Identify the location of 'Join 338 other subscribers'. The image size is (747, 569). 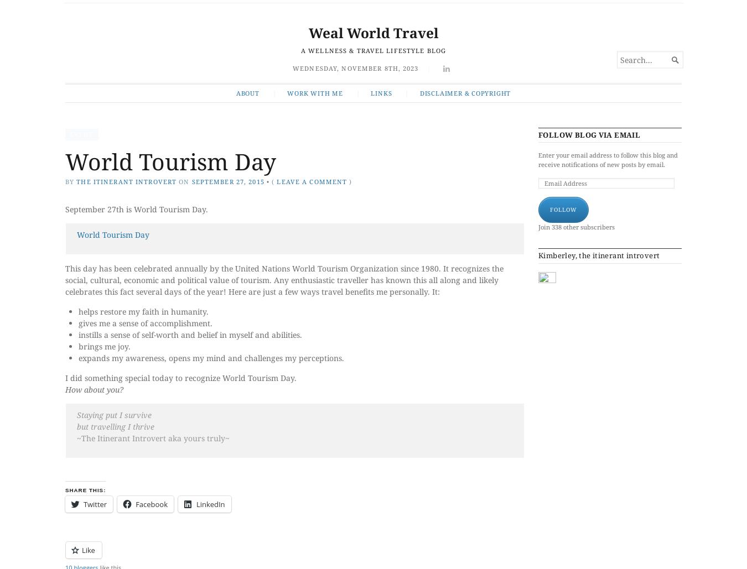
(537, 226).